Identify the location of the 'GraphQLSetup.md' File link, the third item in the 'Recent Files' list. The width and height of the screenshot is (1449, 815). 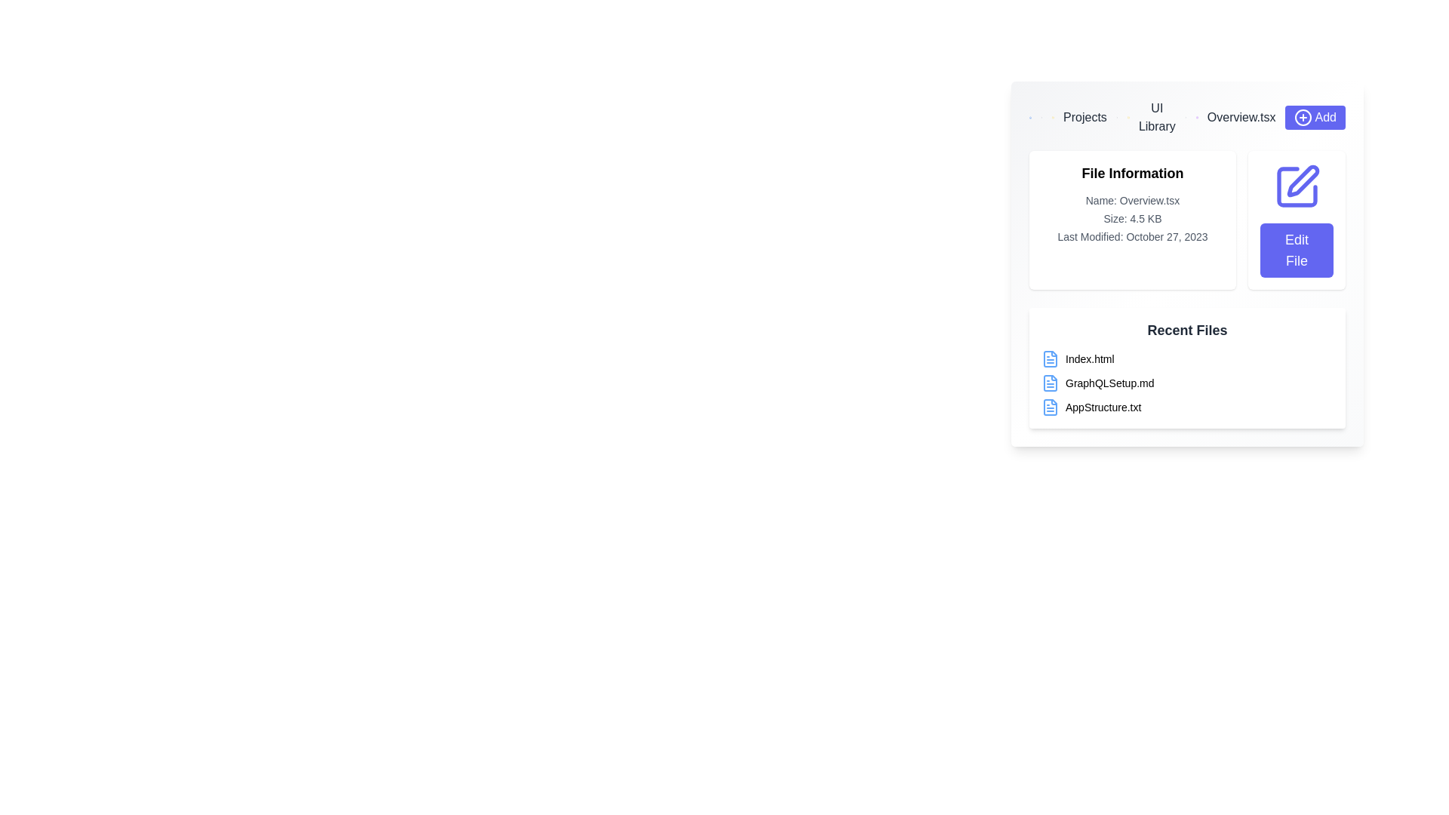
(1109, 383).